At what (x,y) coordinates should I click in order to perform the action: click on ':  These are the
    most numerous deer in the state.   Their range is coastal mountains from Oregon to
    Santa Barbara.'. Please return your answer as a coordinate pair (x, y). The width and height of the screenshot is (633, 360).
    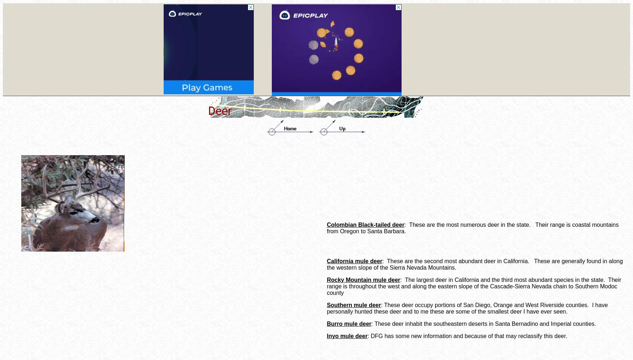
    Looking at the image, I should click on (472, 228).